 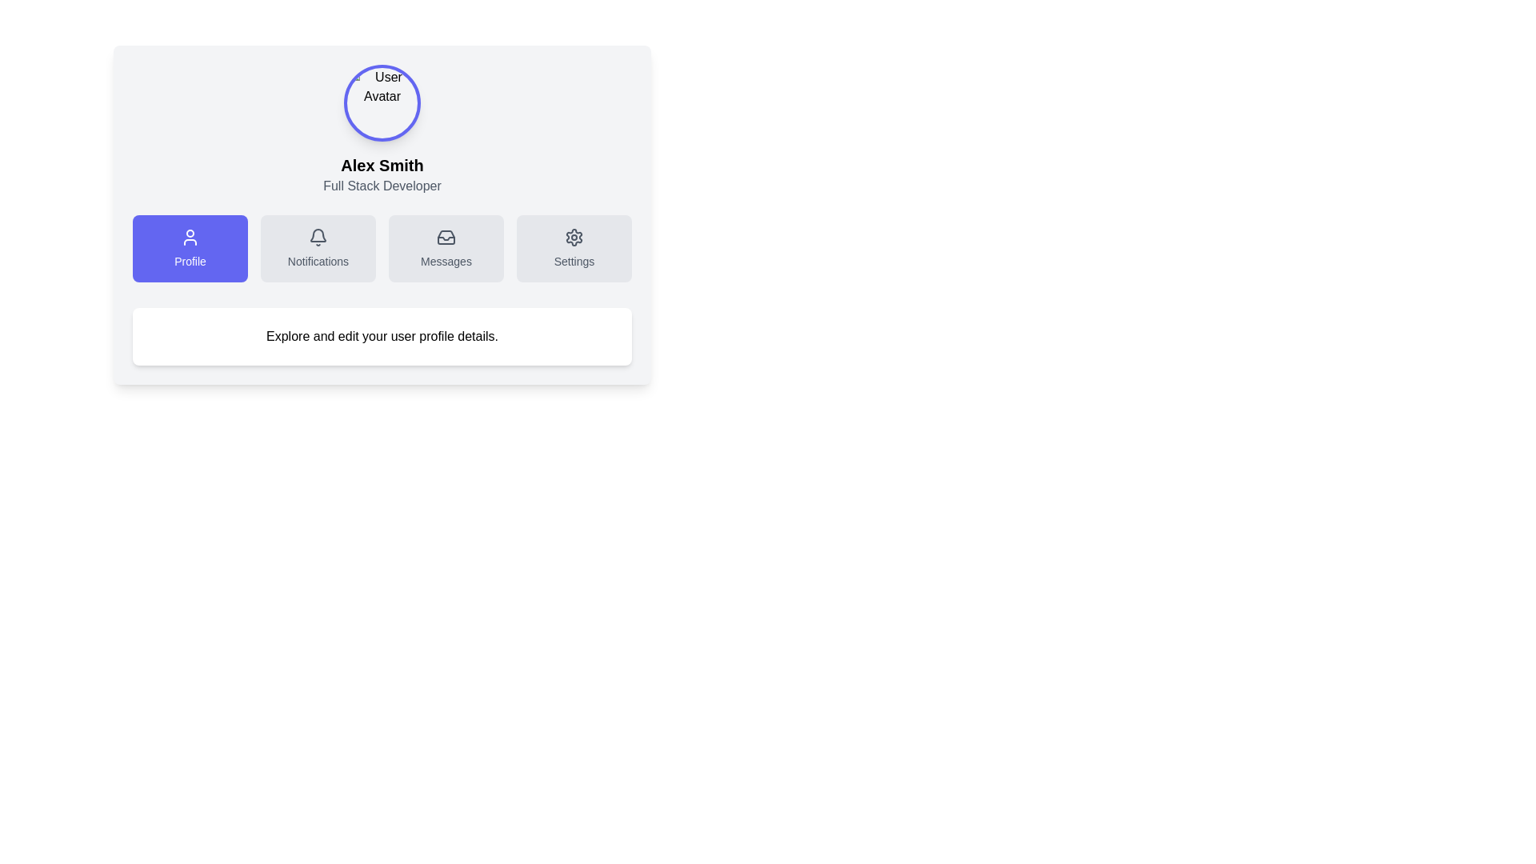 What do you see at coordinates (382, 166) in the screenshot?
I see `text displayed in the Text Label that says 'Alex Smith', which is bold and large, centered below the user avatar` at bounding box center [382, 166].